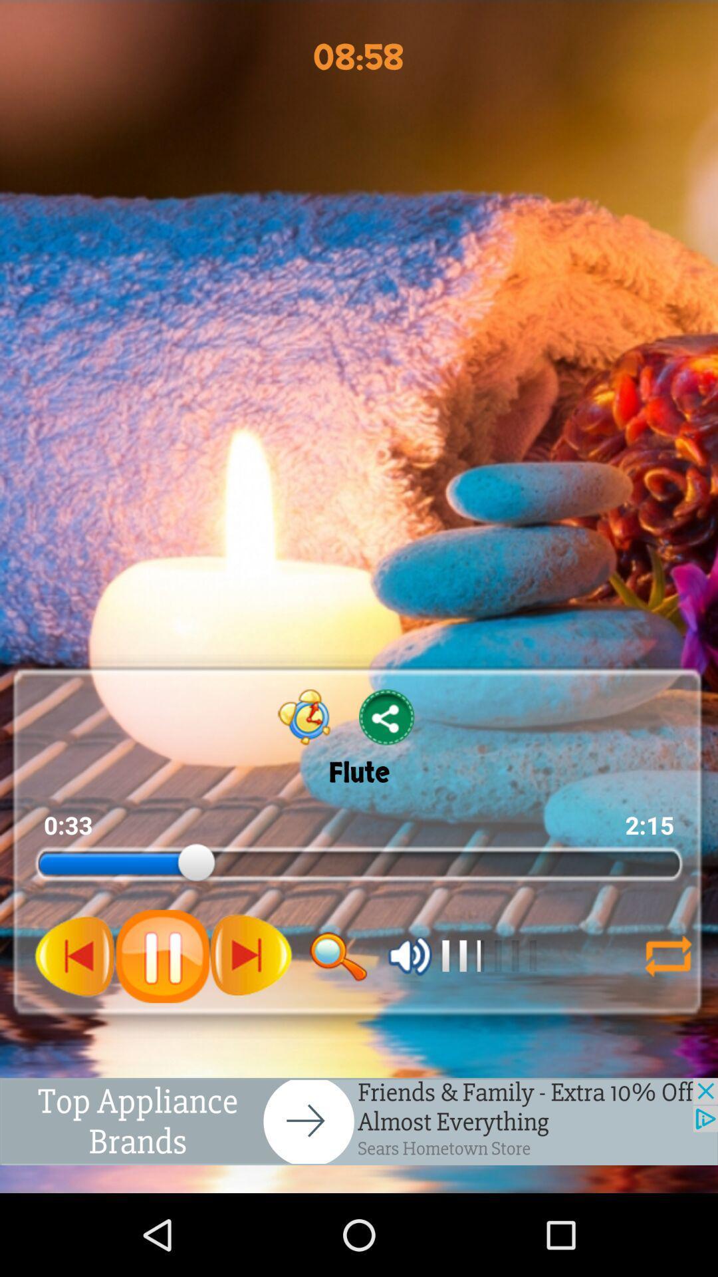 Image resolution: width=718 pixels, height=1277 pixels. I want to click on stop, so click(162, 955).